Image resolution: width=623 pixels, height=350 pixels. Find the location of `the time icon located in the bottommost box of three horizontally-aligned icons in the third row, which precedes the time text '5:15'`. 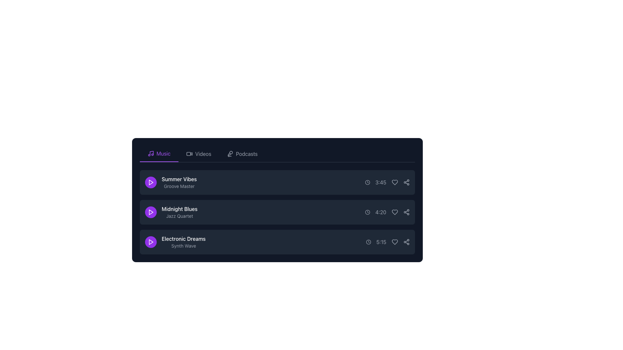

the time icon located in the bottommost box of three horizontally-aligned icons in the third row, which precedes the time text '5:15' is located at coordinates (368, 242).